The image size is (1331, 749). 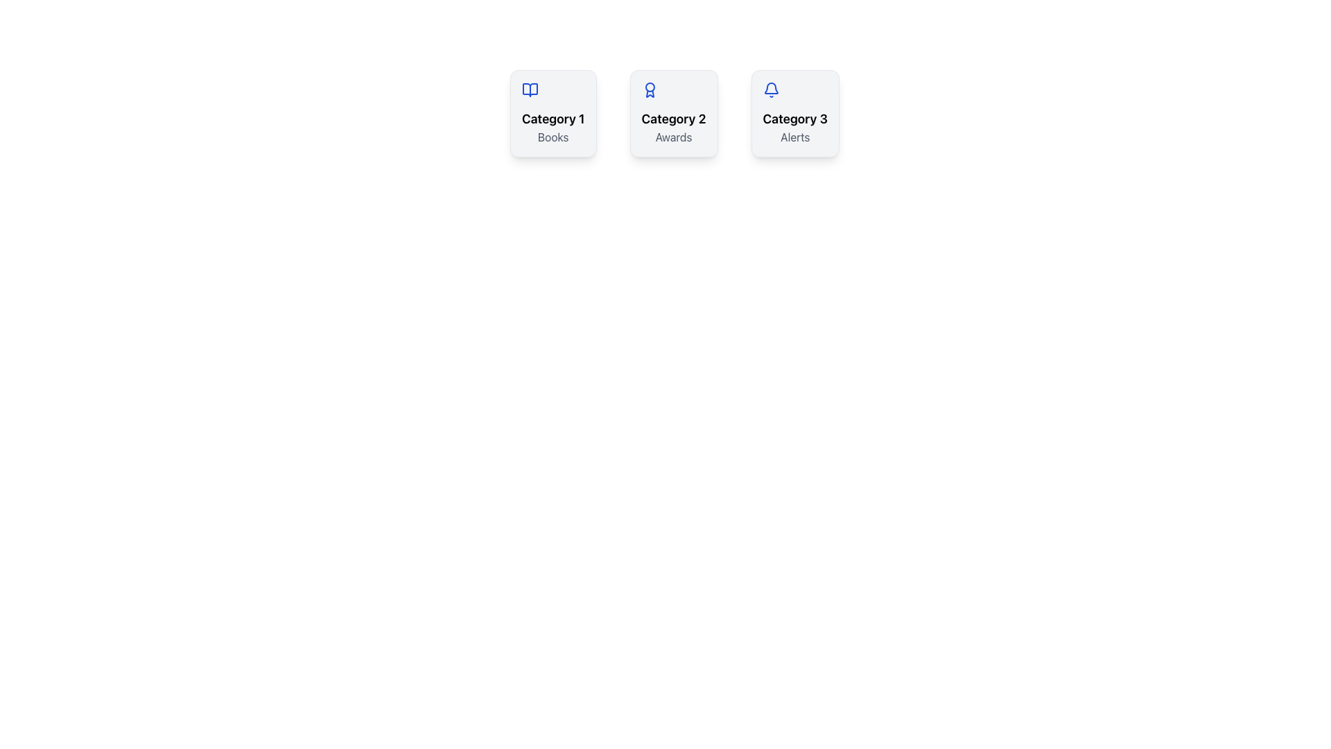 What do you see at coordinates (529, 90) in the screenshot?
I see `the small blue icon representing an open book located at the top of the card labeled 'Category 1'` at bounding box center [529, 90].